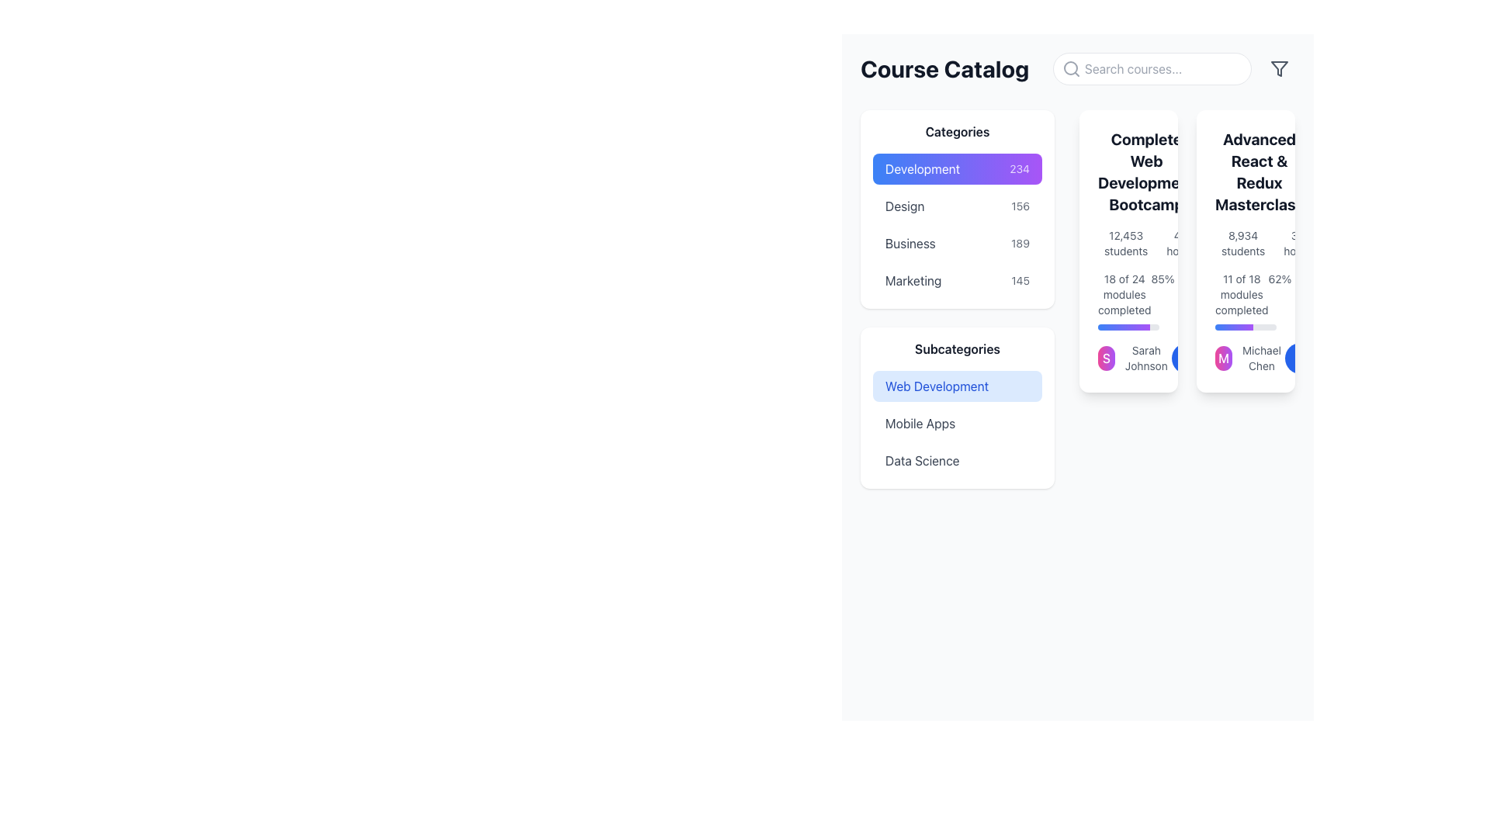 The image size is (1490, 838). I want to click on the interactive button displaying 'Development234' in the 'Categories' section, so click(956, 169).